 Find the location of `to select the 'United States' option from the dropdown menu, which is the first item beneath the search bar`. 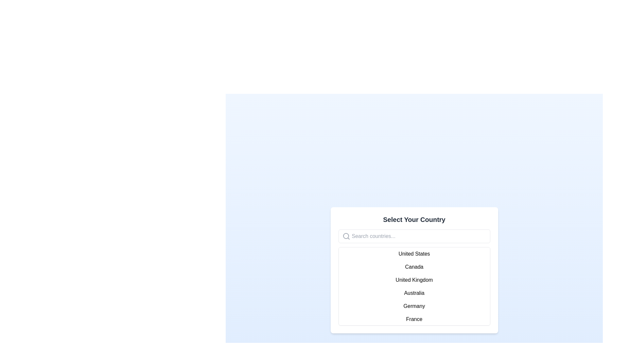

to select the 'United States' option from the dropdown menu, which is the first item beneath the search bar is located at coordinates (414, 253).